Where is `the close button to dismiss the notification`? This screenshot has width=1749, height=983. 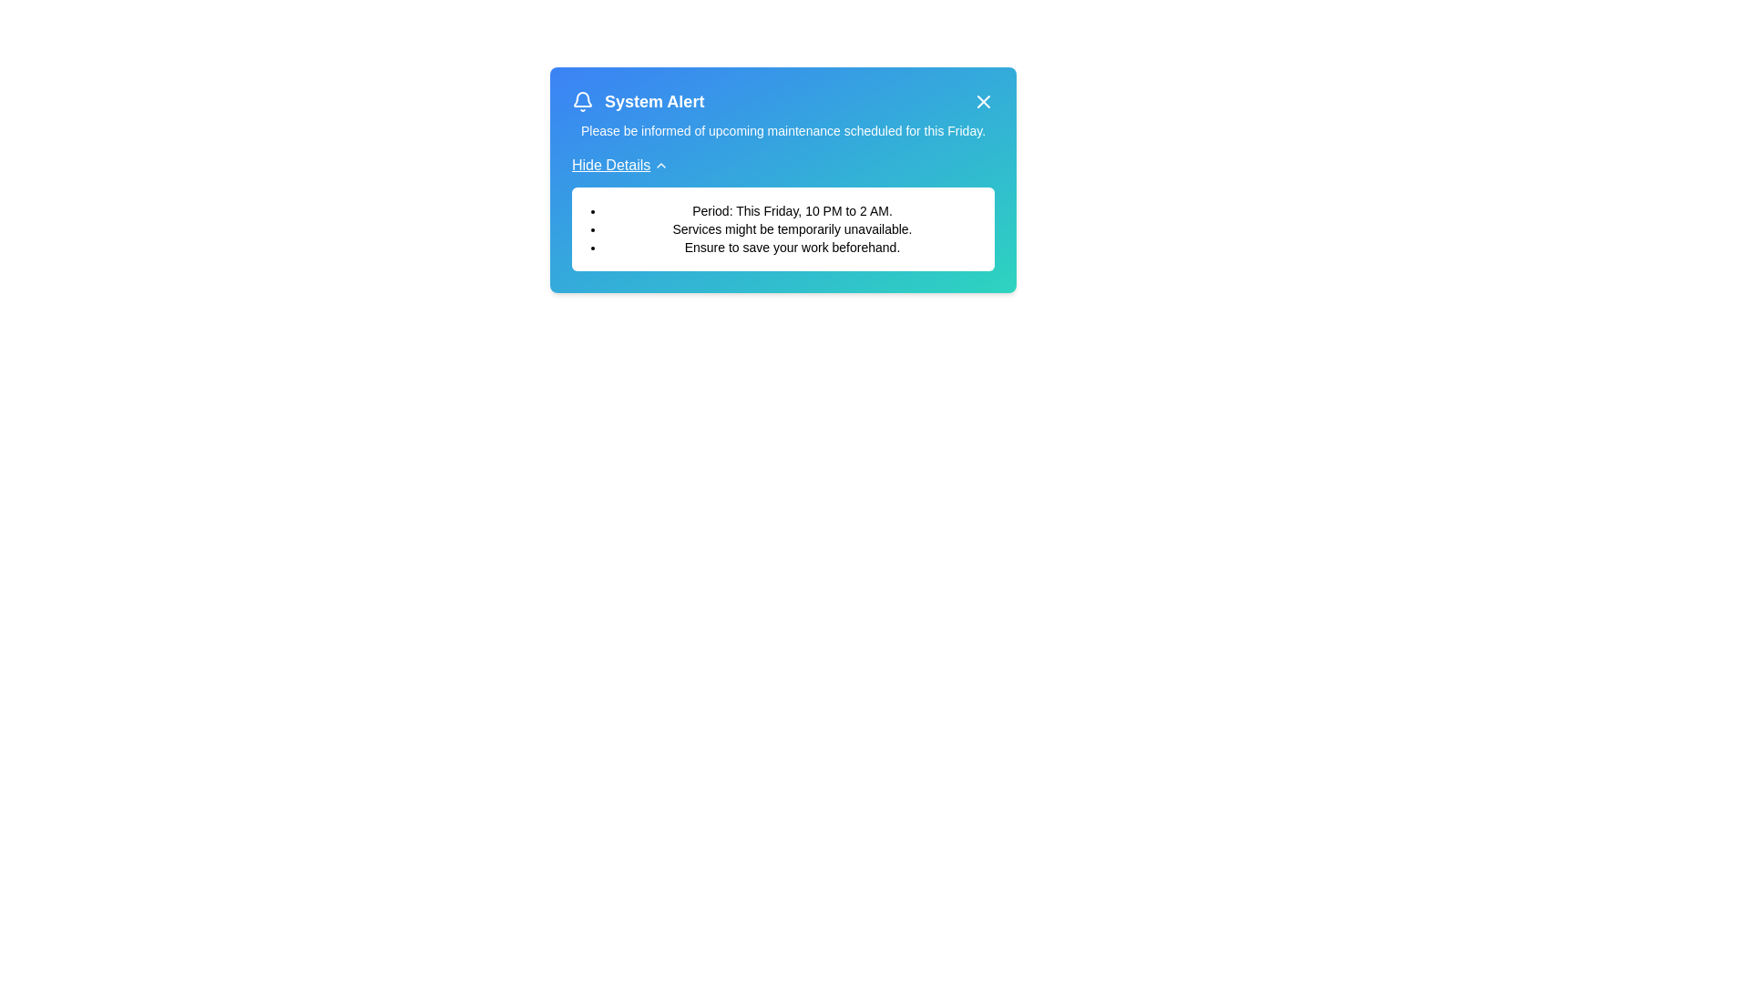
the close button to dismiss the notification is located at coordinates (983, 101).